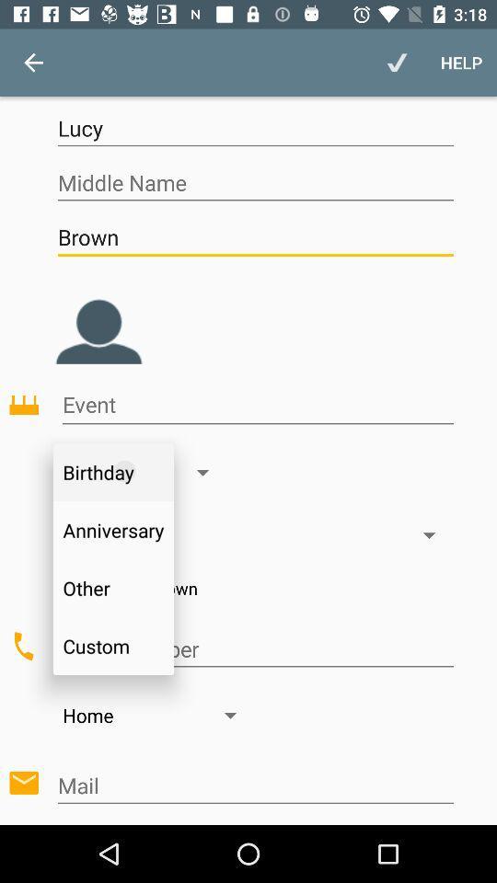 This screenshot has height=883, width=497. I want to click on icon above the brown item, so click(254, 183).